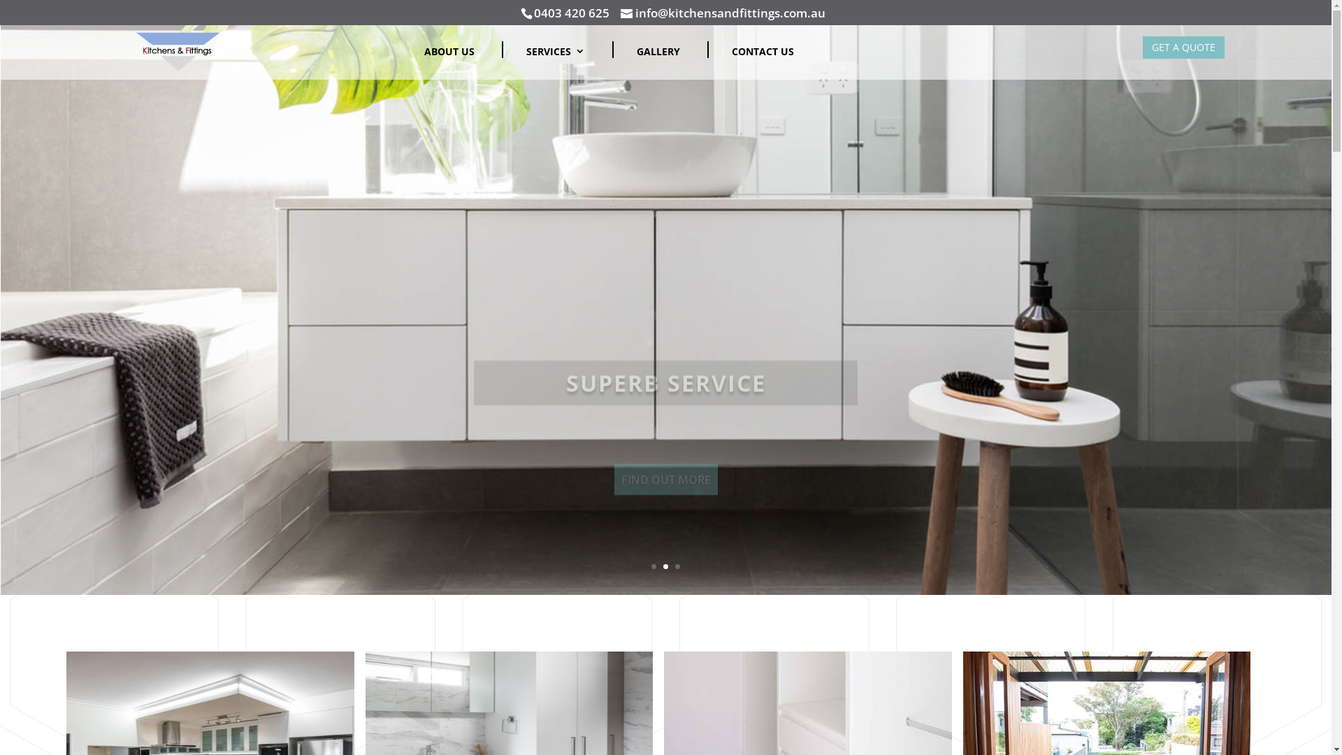  I want to click on '2', so click(665, 566).